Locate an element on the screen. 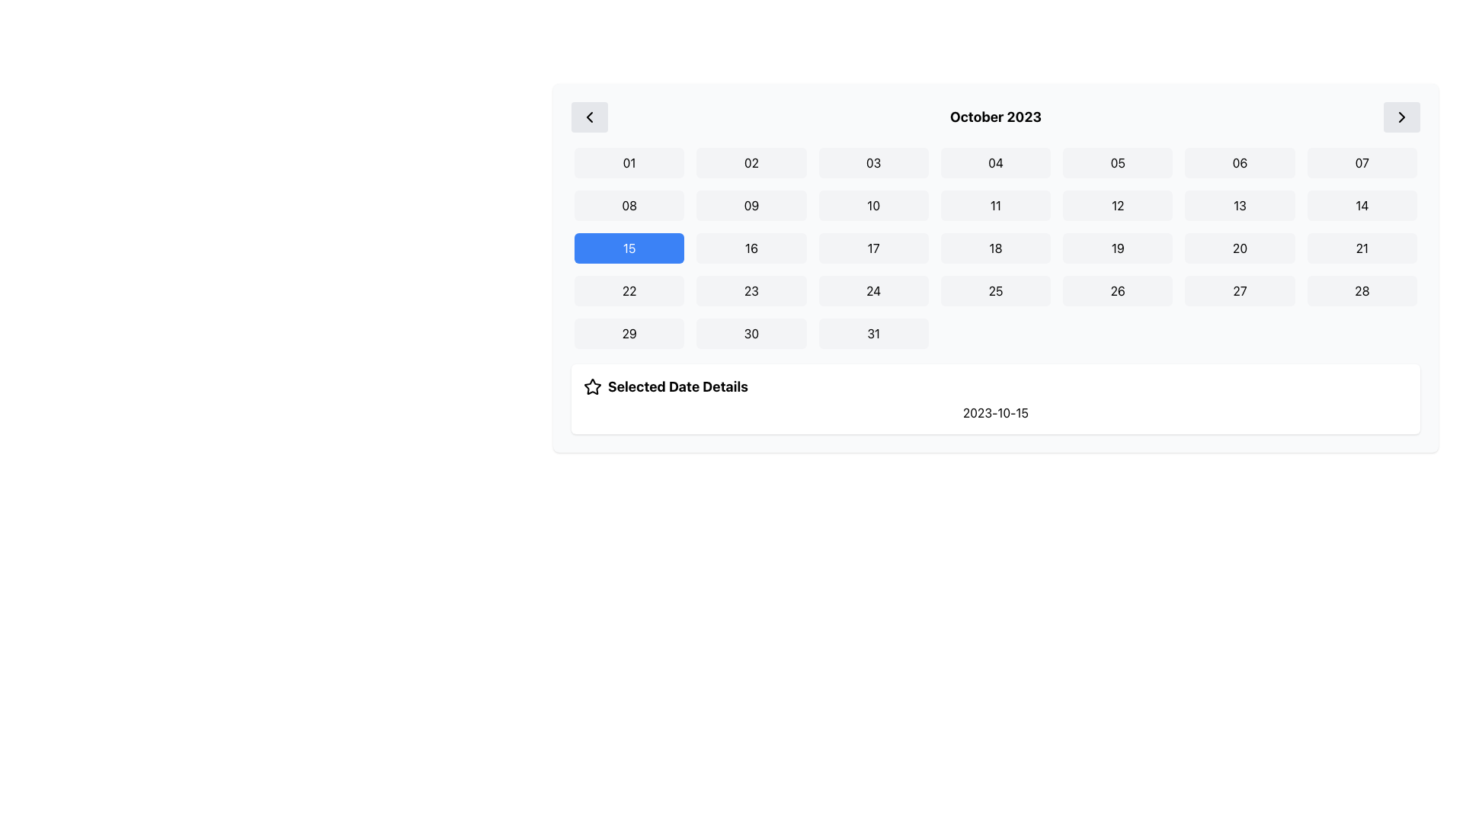  the selectable day button representing the 6th of the month is located at coordinates (1240, 162).